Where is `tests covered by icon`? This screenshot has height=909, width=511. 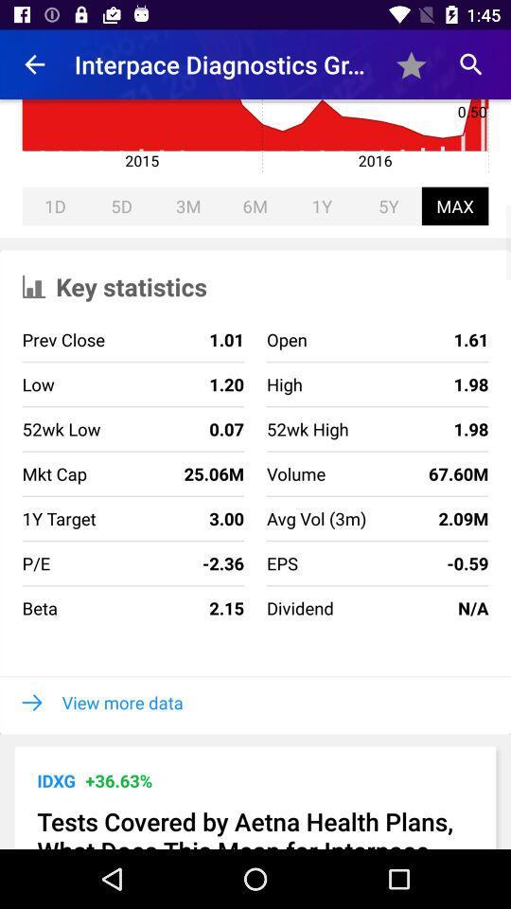 tests covered by icon is located at coordinates (255, 826).